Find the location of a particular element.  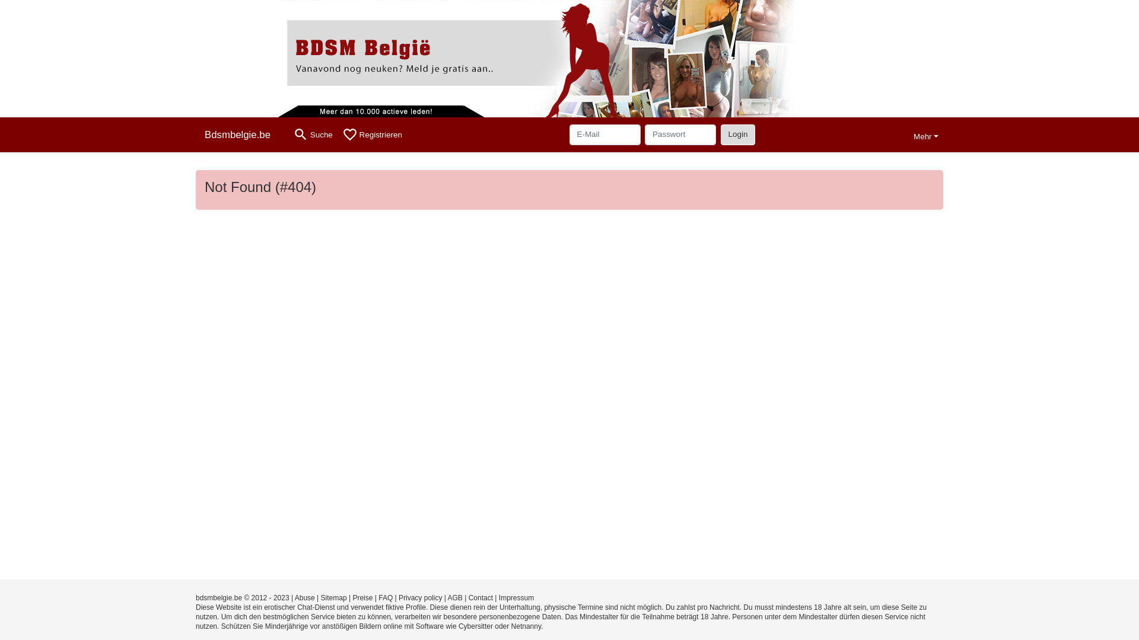

'Sitemap' is located at coordinates (333, 598).